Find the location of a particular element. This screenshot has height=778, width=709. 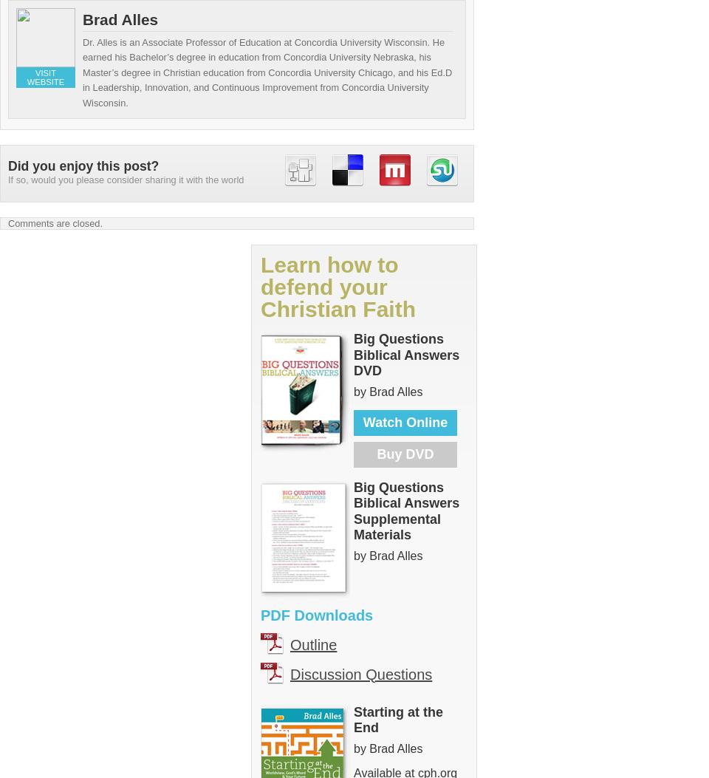

'Discussion Questions' is located at coordinates (360, 673).